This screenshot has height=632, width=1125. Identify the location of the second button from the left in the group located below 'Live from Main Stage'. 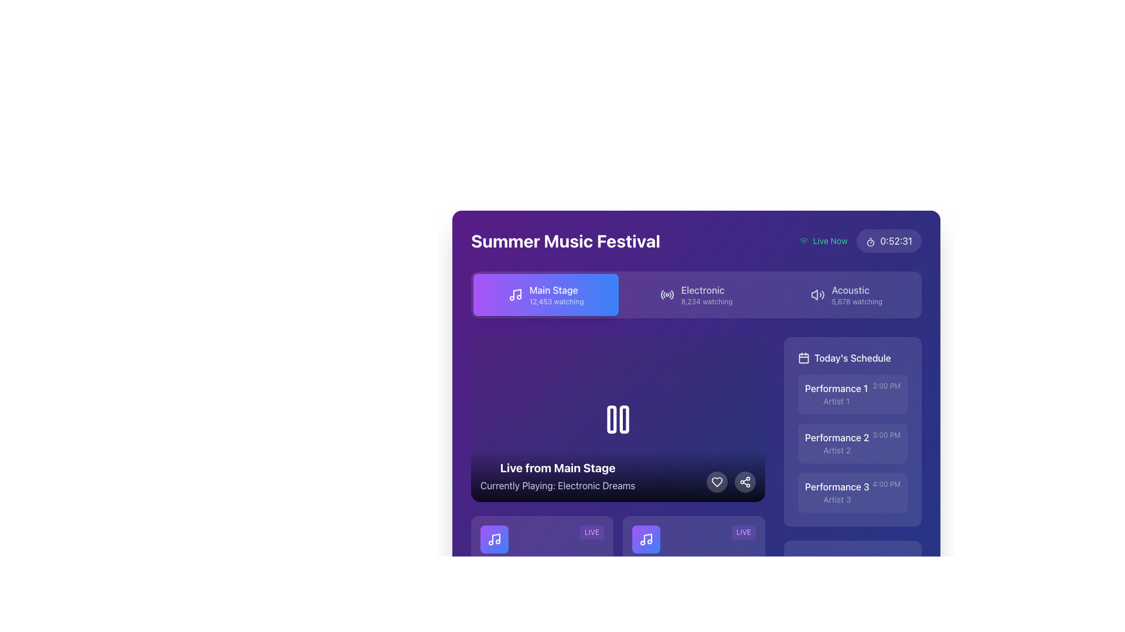
(646, 539).